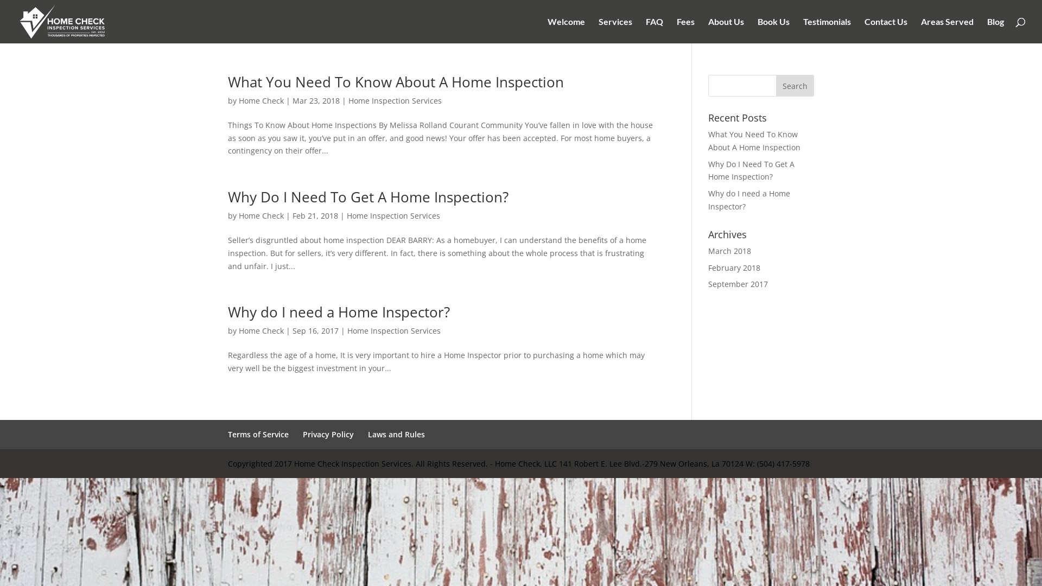 The width and height of the screenshot is (1042, 586). I want to click on 'Why Do I Need To Get A Home Inspection?', so click(751, 170).